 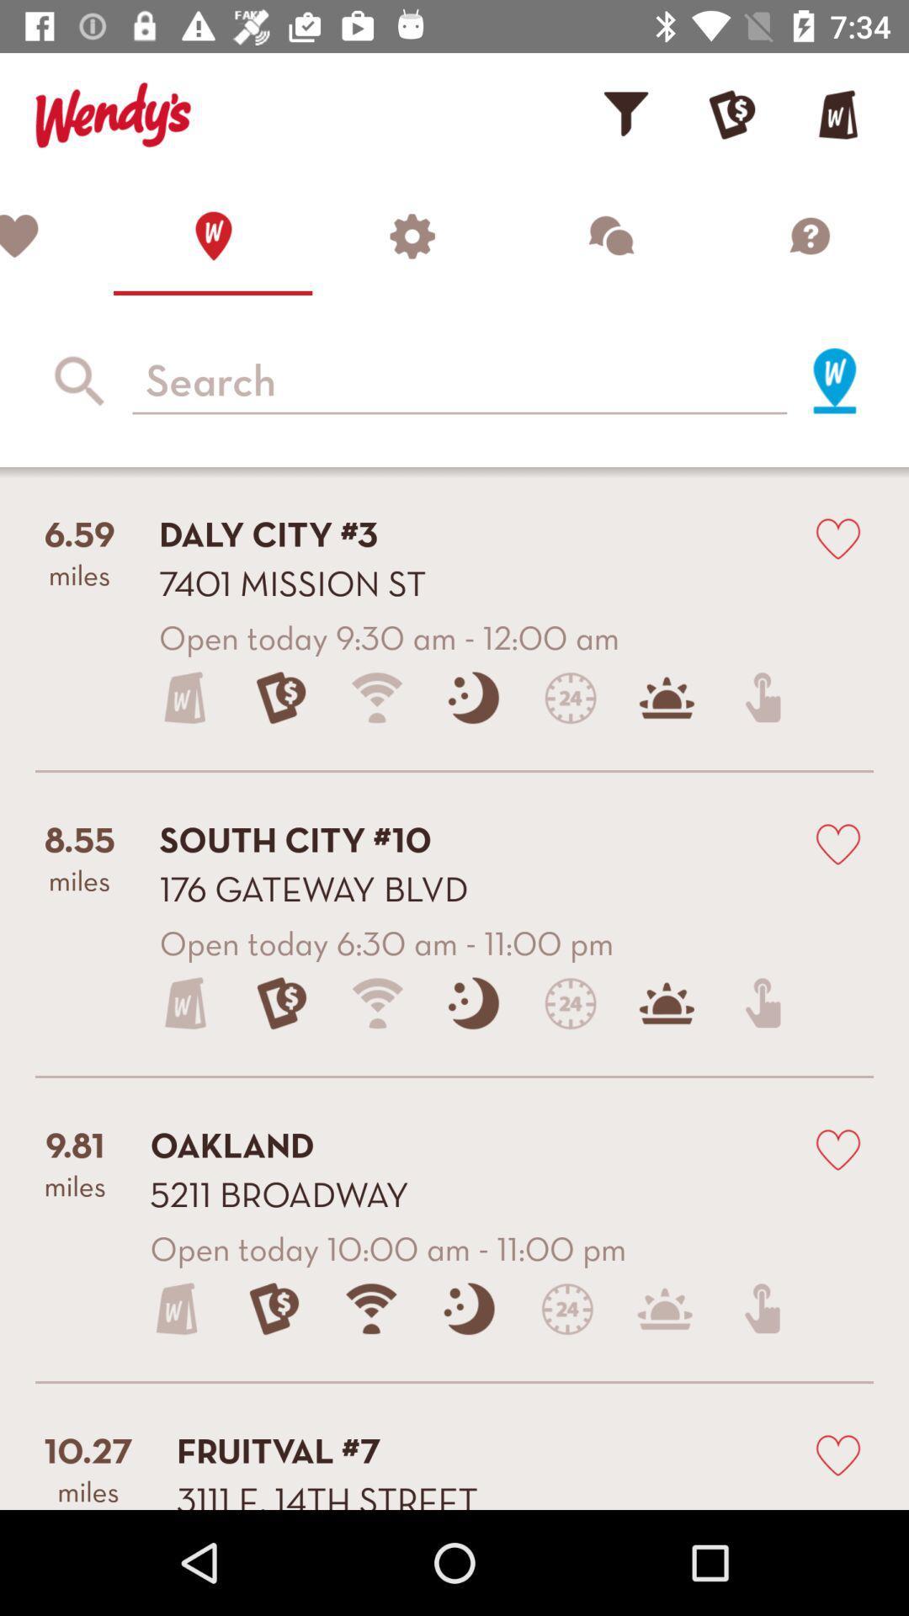 I want to click on mark as favourite, so click(x=837, y=536).